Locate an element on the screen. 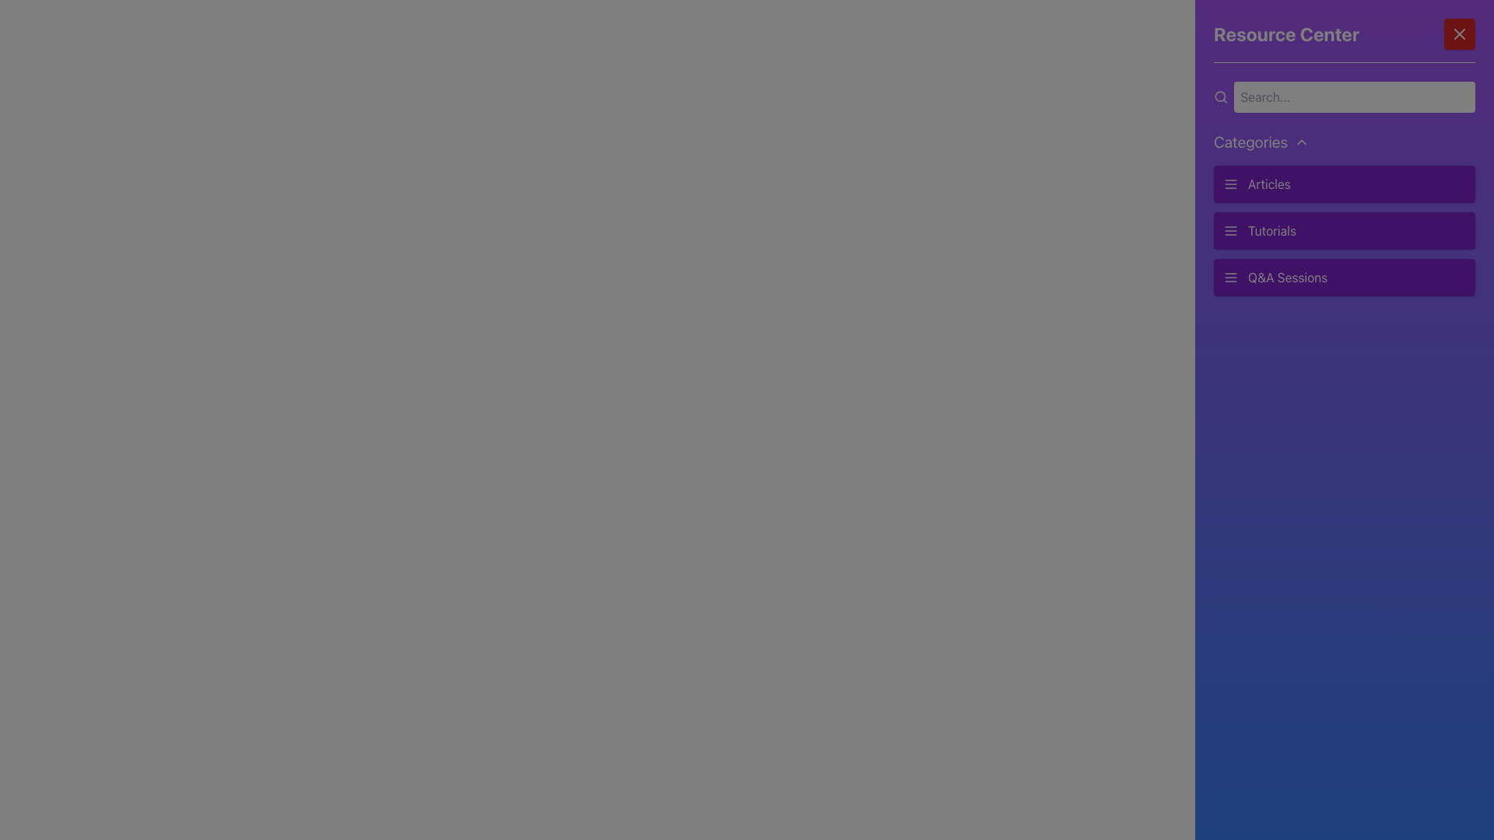 The height and width of the screenshot is (840, 1494). the hamburger menu icon located to the left of the 'Q&A Sessions' label in the 'Resource Center' panel is located at coordinates (1230, 277).